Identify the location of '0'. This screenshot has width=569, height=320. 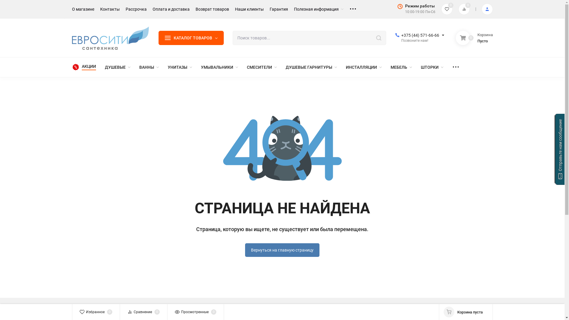
(447, 9).